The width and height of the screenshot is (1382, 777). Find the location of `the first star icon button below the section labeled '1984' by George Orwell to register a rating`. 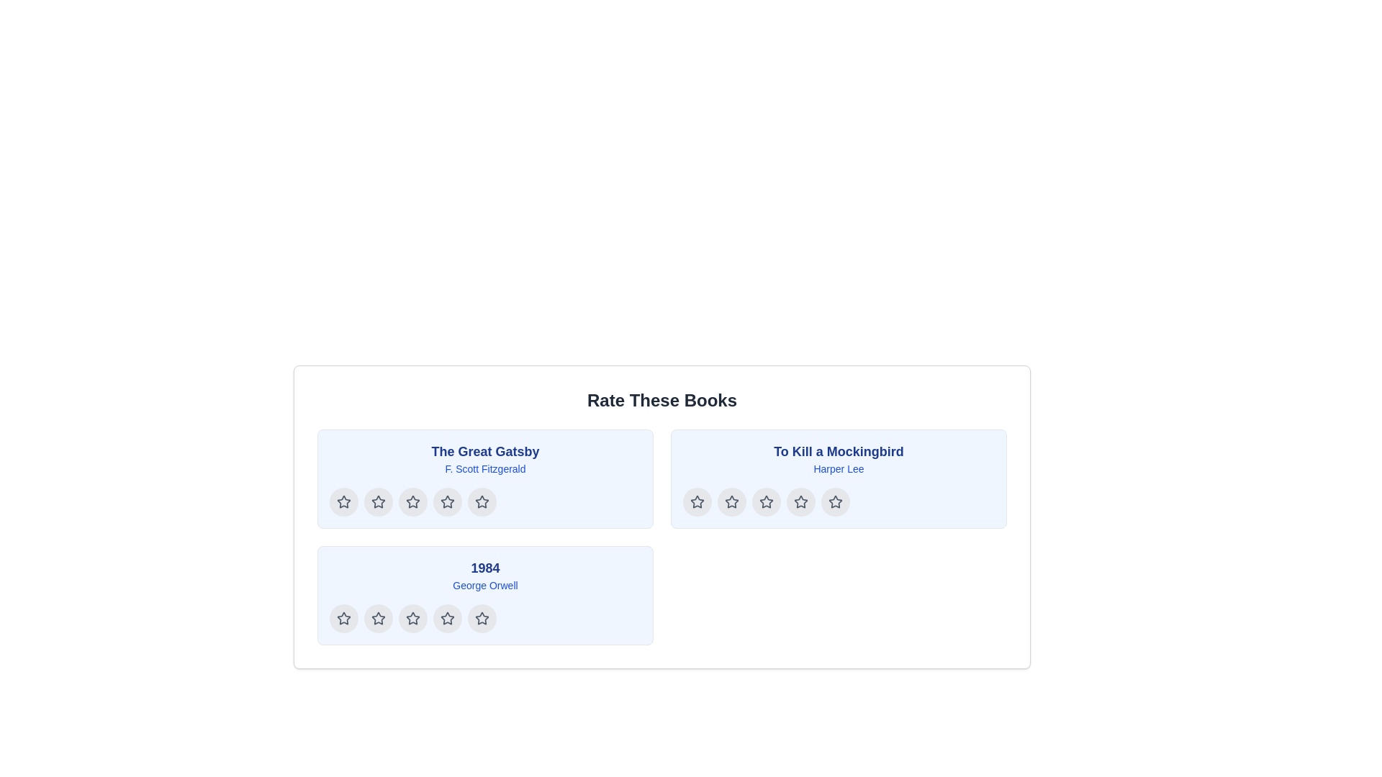

the first star icon button below the section labeled '1984' by George Orwell to register a rating is located at coordinates (343, 618).